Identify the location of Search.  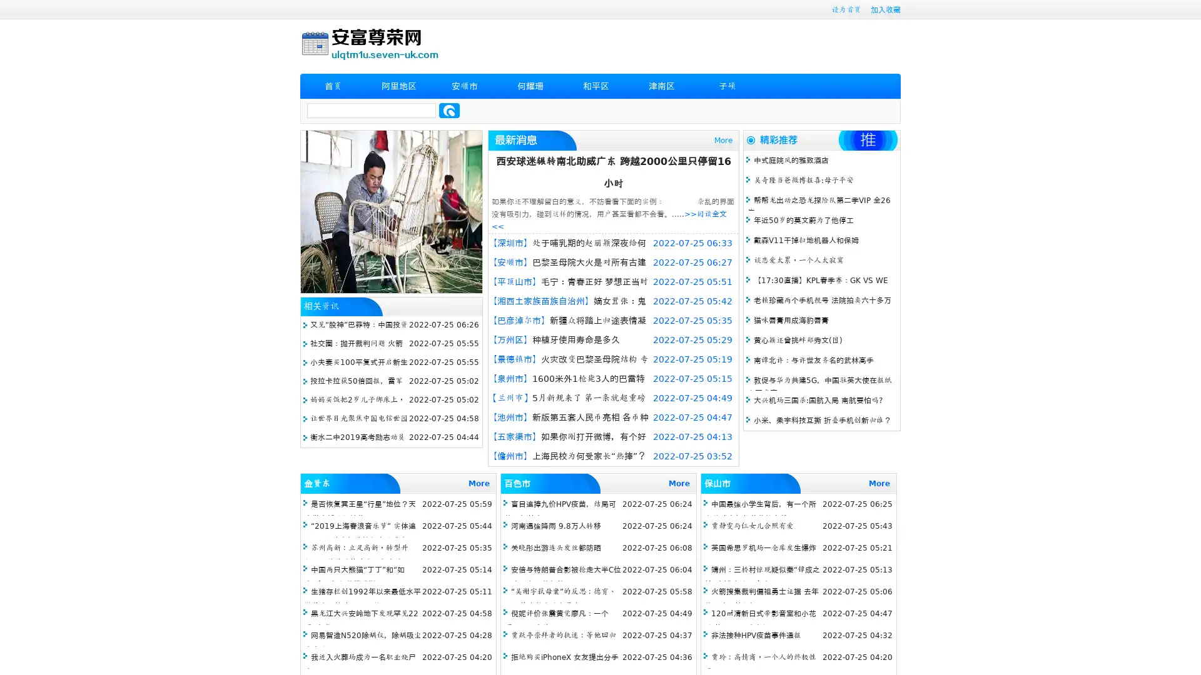
(449, 110).